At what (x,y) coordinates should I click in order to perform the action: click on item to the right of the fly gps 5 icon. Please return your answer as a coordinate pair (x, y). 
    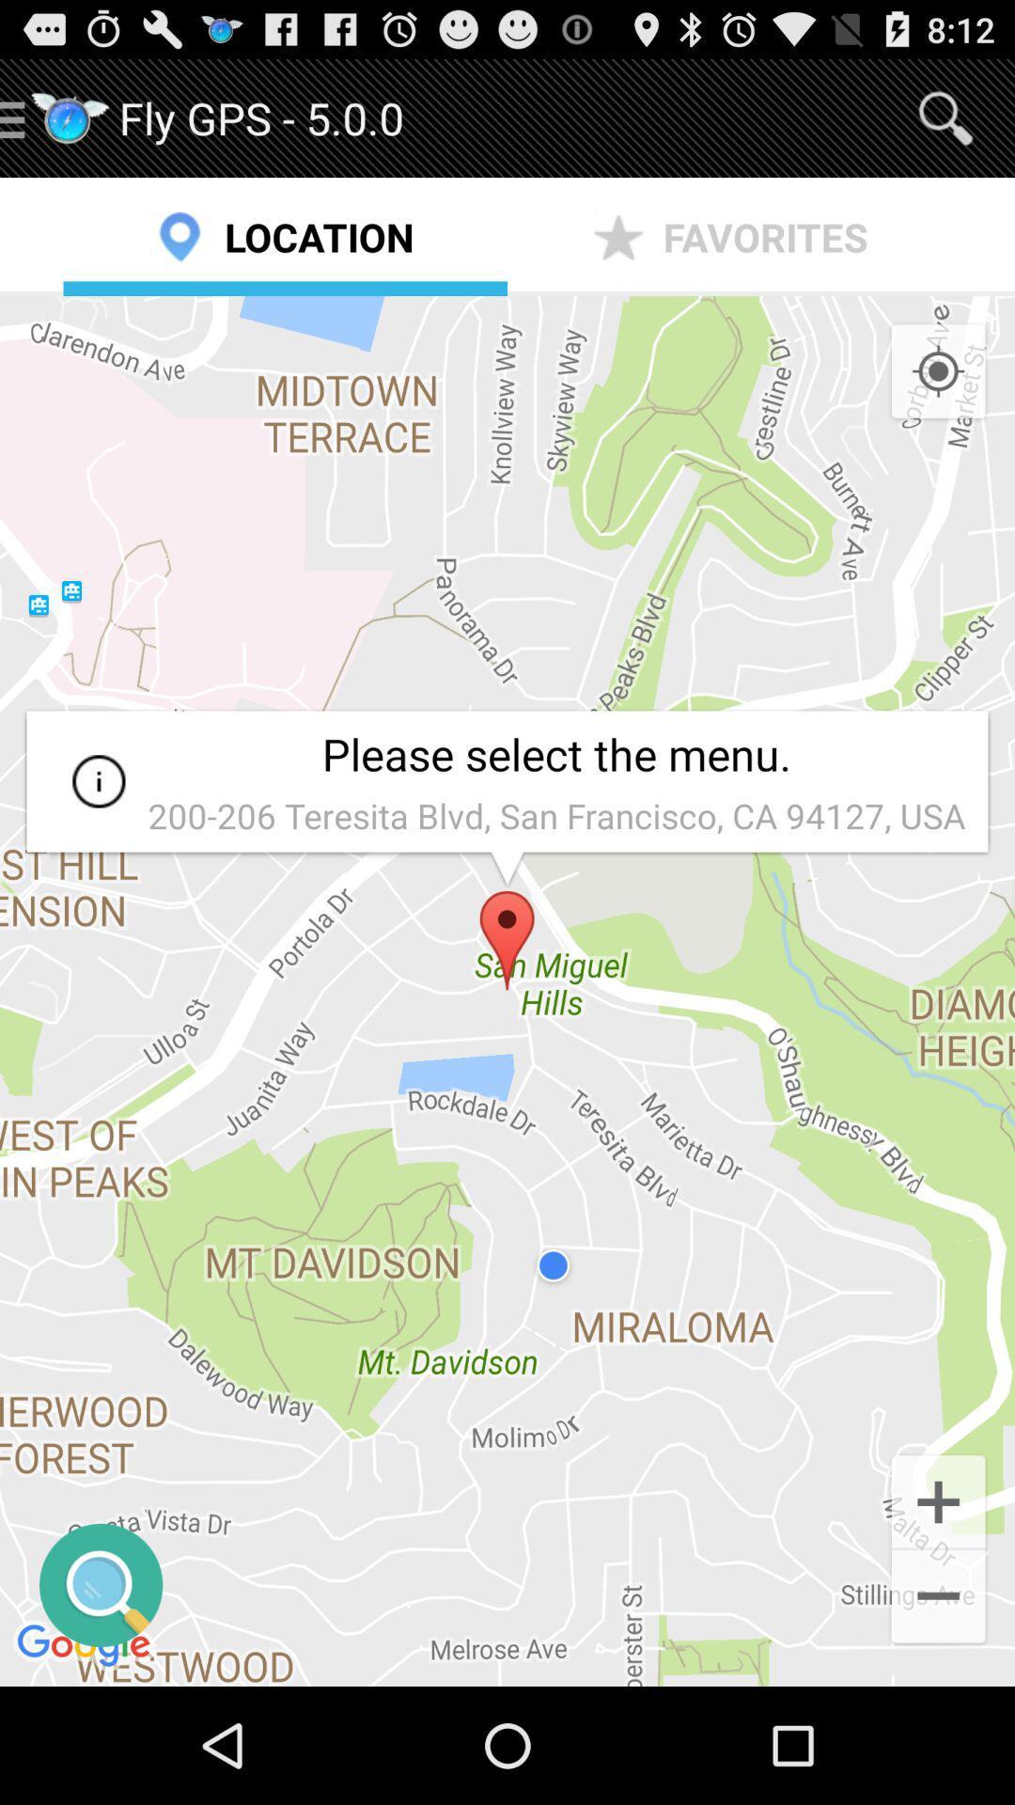
    Looking at the image, I should click on (945, 117).